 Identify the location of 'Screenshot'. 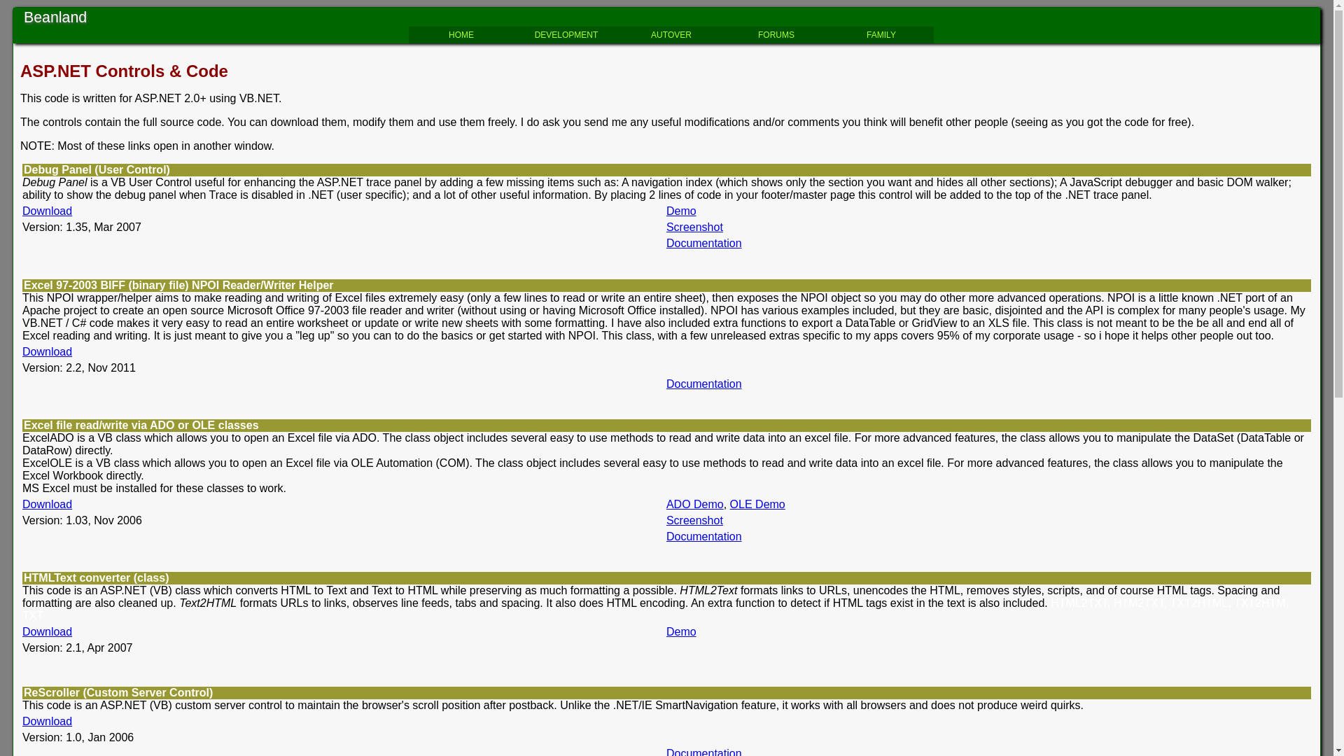
(694, 226).